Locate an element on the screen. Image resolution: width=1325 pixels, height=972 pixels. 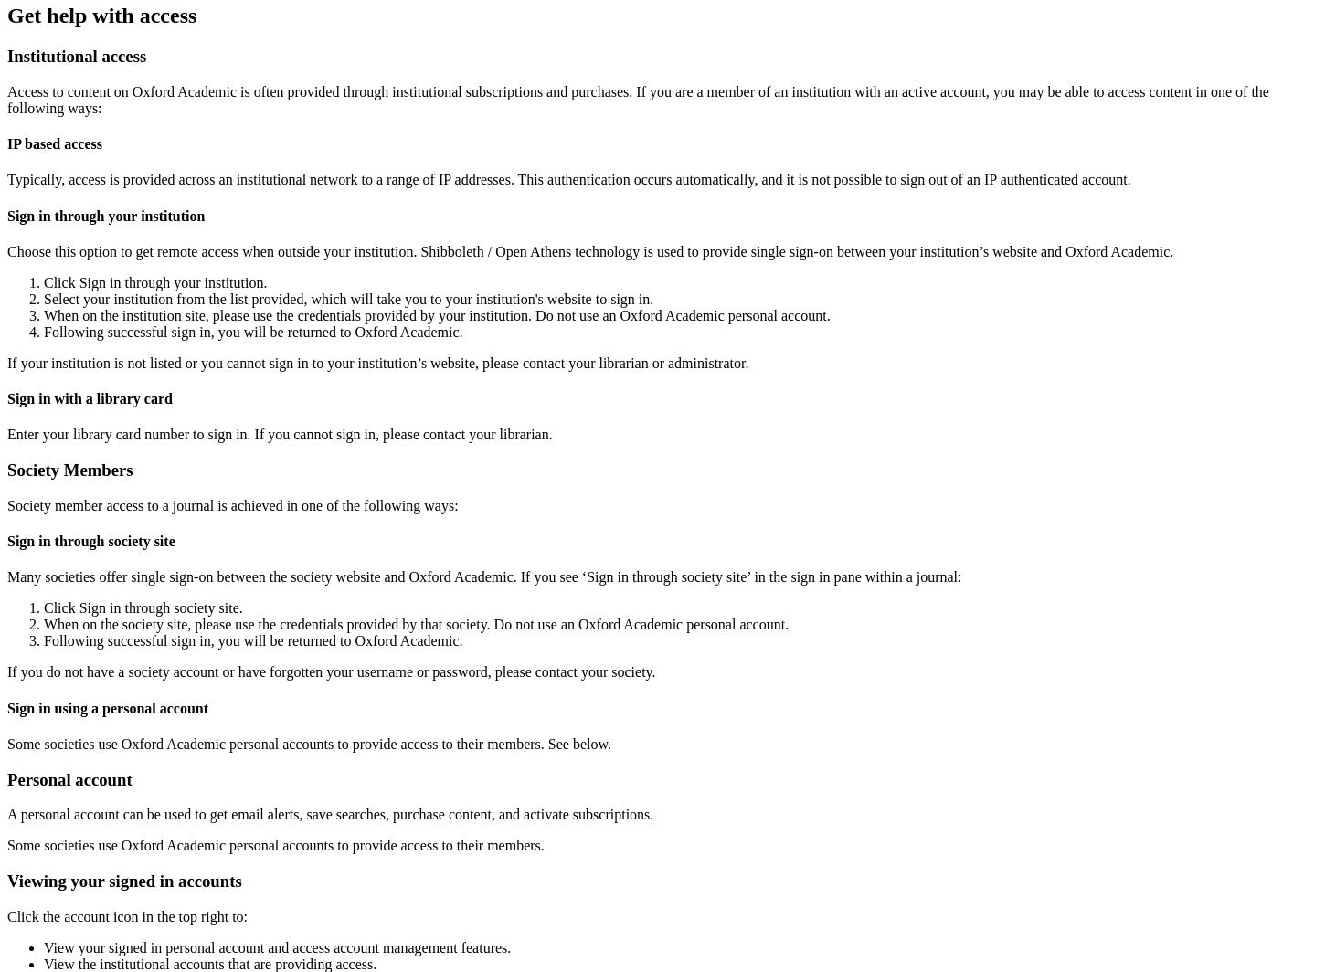
'IP based access' is located at coordinates (55, 143).